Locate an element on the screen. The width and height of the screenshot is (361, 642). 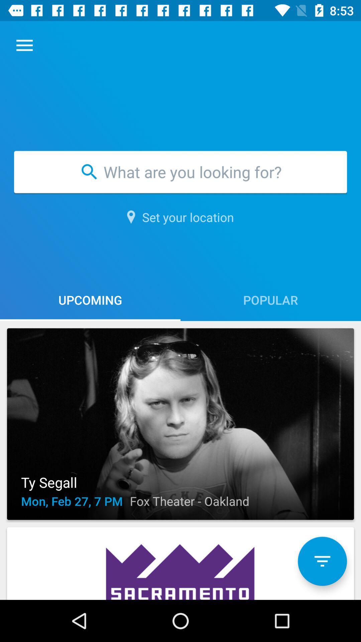
volume button is located at coordinates (322, 561).